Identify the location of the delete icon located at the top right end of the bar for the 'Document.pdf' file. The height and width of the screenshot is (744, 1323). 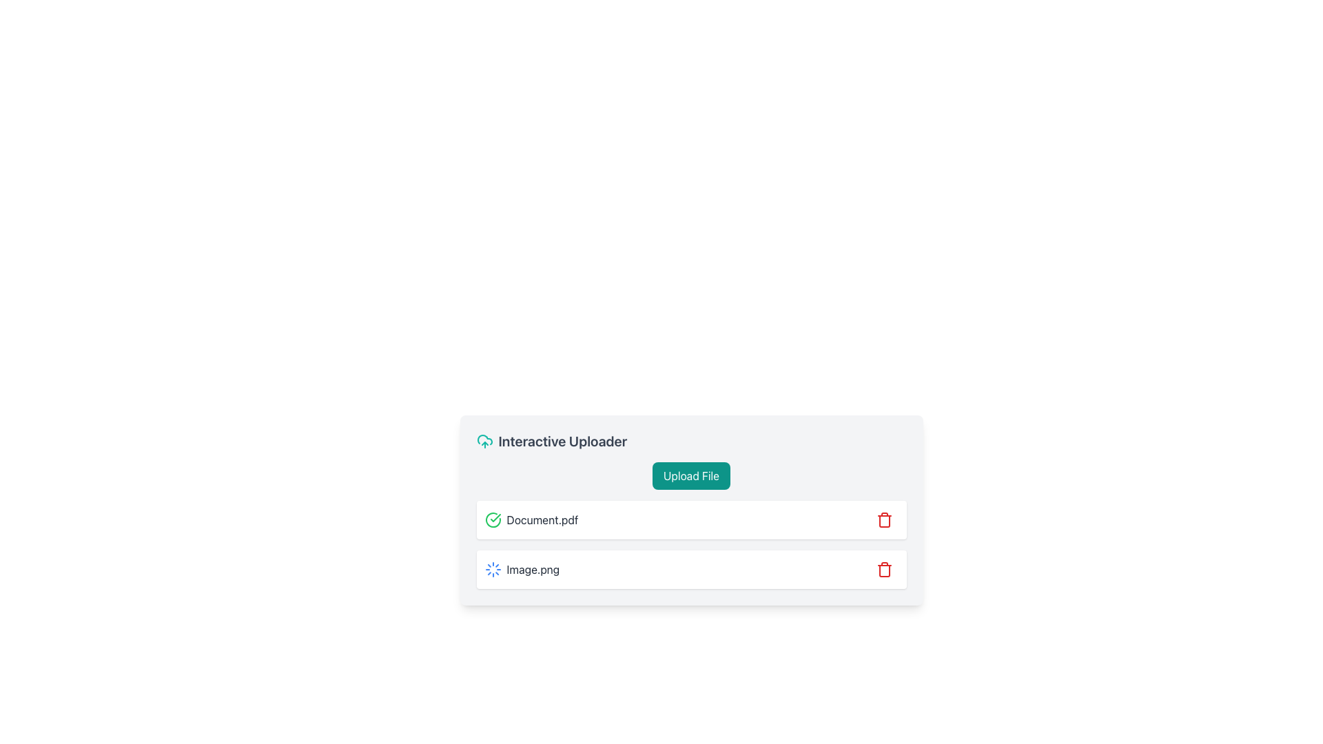
(884, 520).